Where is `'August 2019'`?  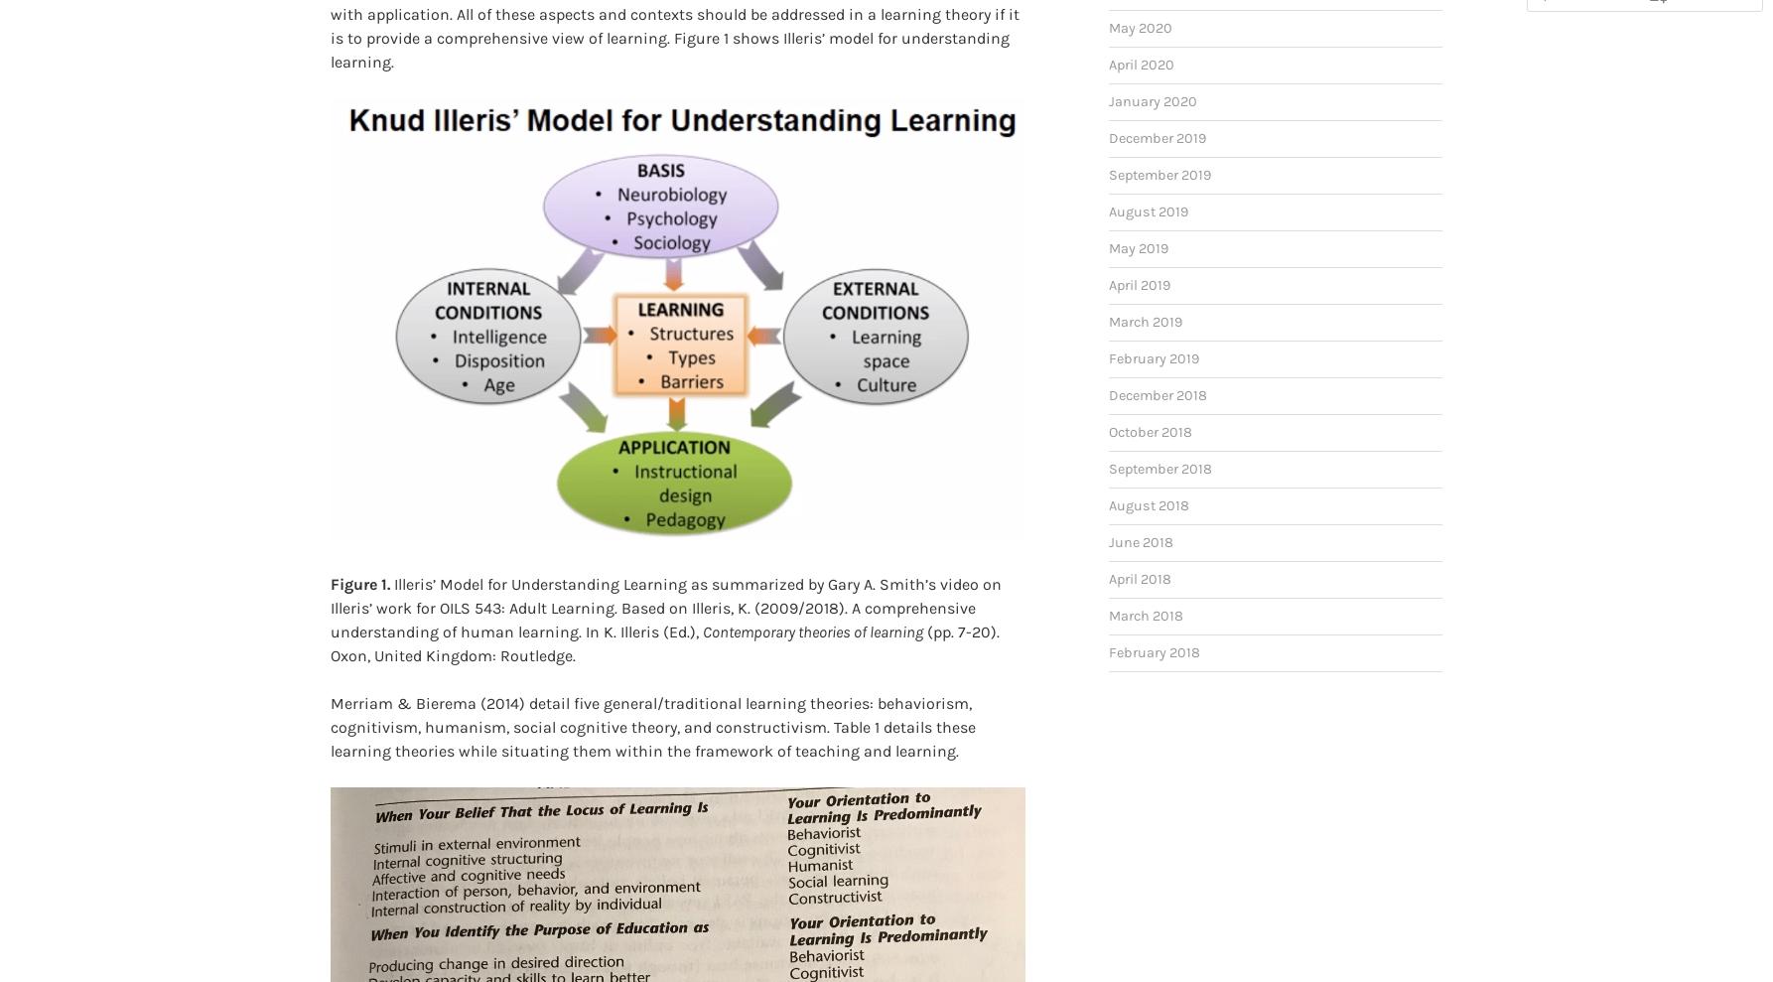
'August 2019' is located at coordinates (1147, 180).